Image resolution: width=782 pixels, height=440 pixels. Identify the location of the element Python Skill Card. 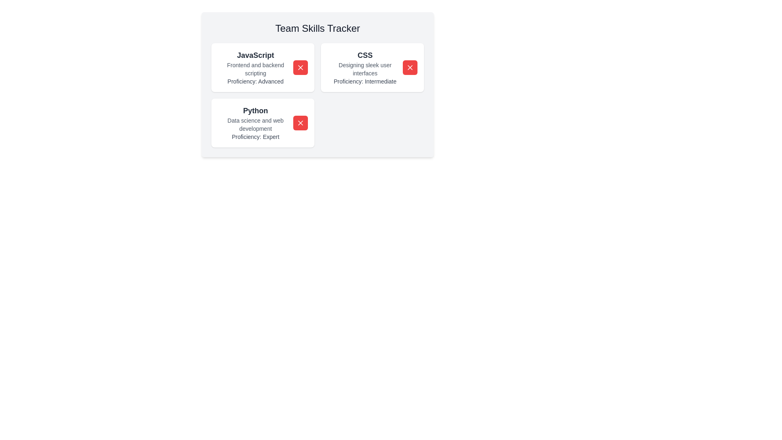
(255, 123).